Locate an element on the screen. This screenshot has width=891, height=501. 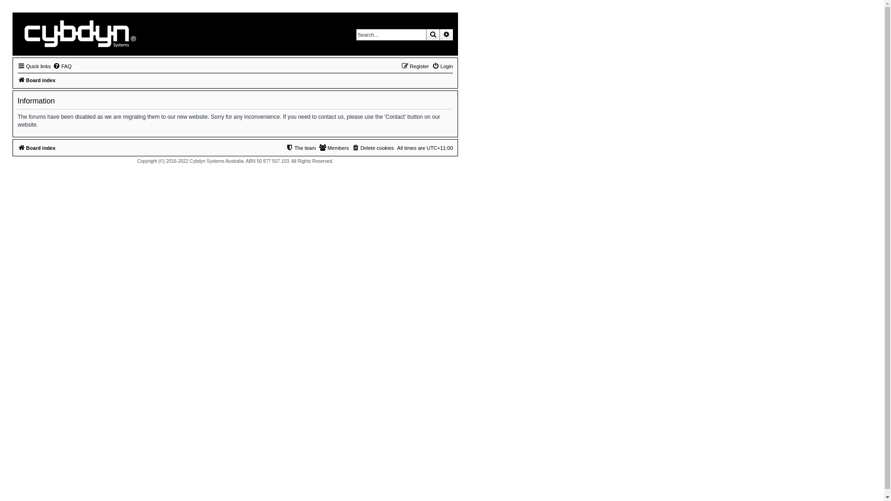
'Search for keywords' is located at coordinates (391, 34).